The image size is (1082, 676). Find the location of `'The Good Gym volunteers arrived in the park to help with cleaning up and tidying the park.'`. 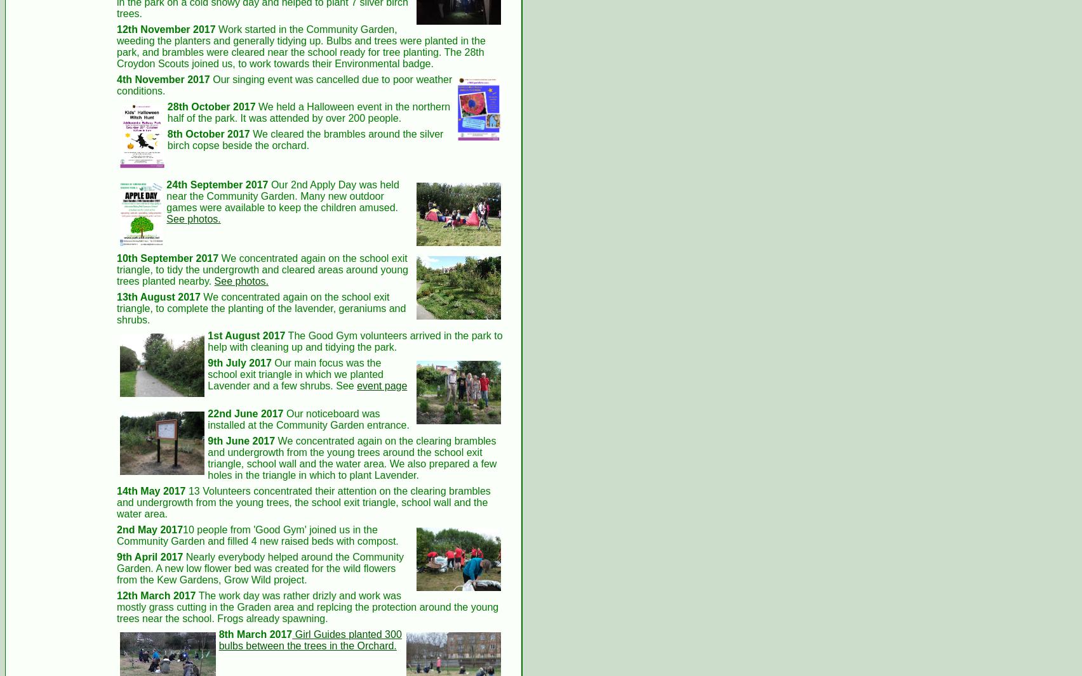

'The Good Gym volunteers arrived in the park to help with cleaning up and tidying the park.' is located at coordinates (355, 341).